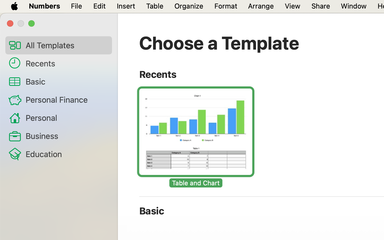  What do you see at coordinates (66, 81) in the screenshot?
I see `'Basic'` at bounding box center [66, 81].